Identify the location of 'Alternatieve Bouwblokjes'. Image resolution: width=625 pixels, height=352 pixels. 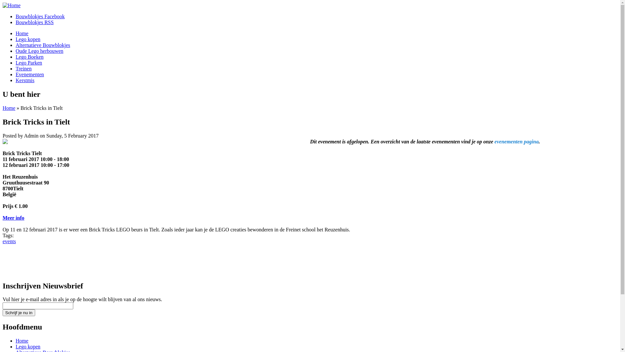
(43, 45).